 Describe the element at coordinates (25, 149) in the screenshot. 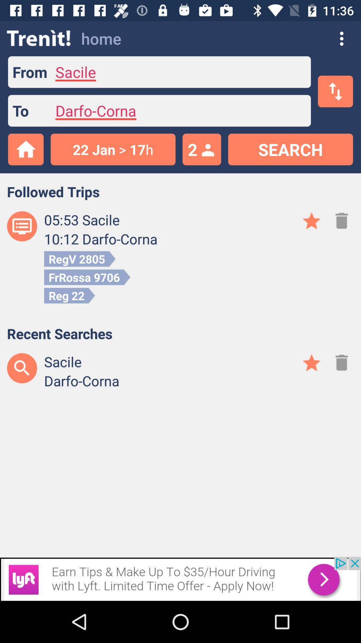

I see `the home icon` at that location.